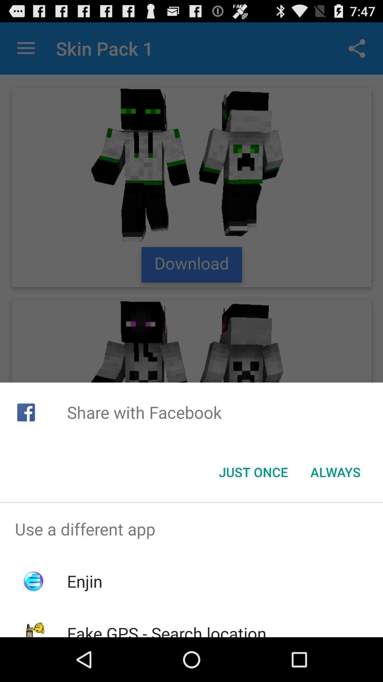 The height and width of the screenshot is (682, 383). What do you see at coordinates (253, 472) in the screenshot?
I see `the just once button` at bounding box center [253, 472].